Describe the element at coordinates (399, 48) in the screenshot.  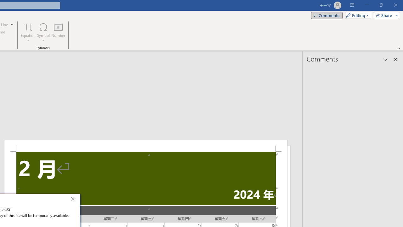
I see `'Collapse the Ribbon'` at that location.